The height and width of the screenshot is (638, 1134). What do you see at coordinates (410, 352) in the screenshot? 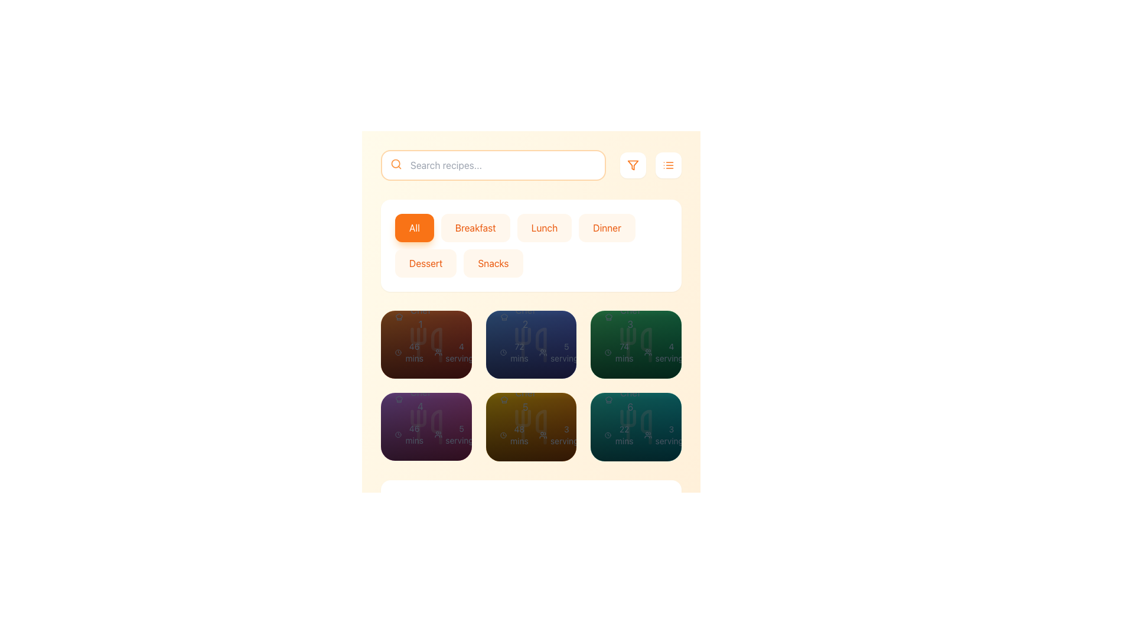
I see `estimated preparation time displayed in the text element located in the top-left corner of a grid item` at bounding box center [410, 352].